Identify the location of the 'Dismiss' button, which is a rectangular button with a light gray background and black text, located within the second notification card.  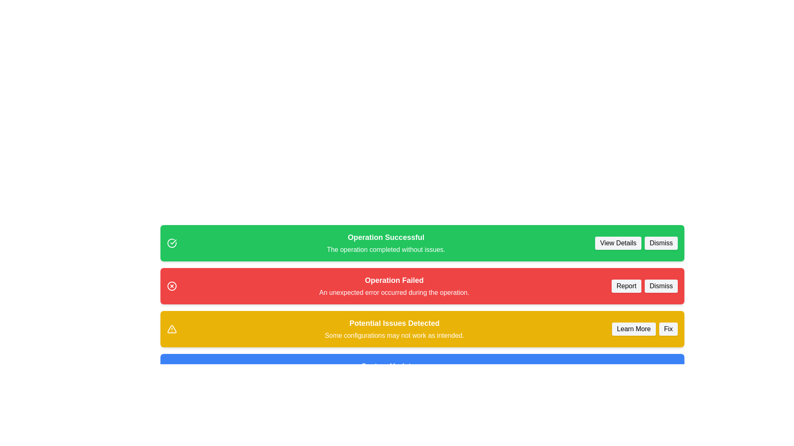
(660, 286).